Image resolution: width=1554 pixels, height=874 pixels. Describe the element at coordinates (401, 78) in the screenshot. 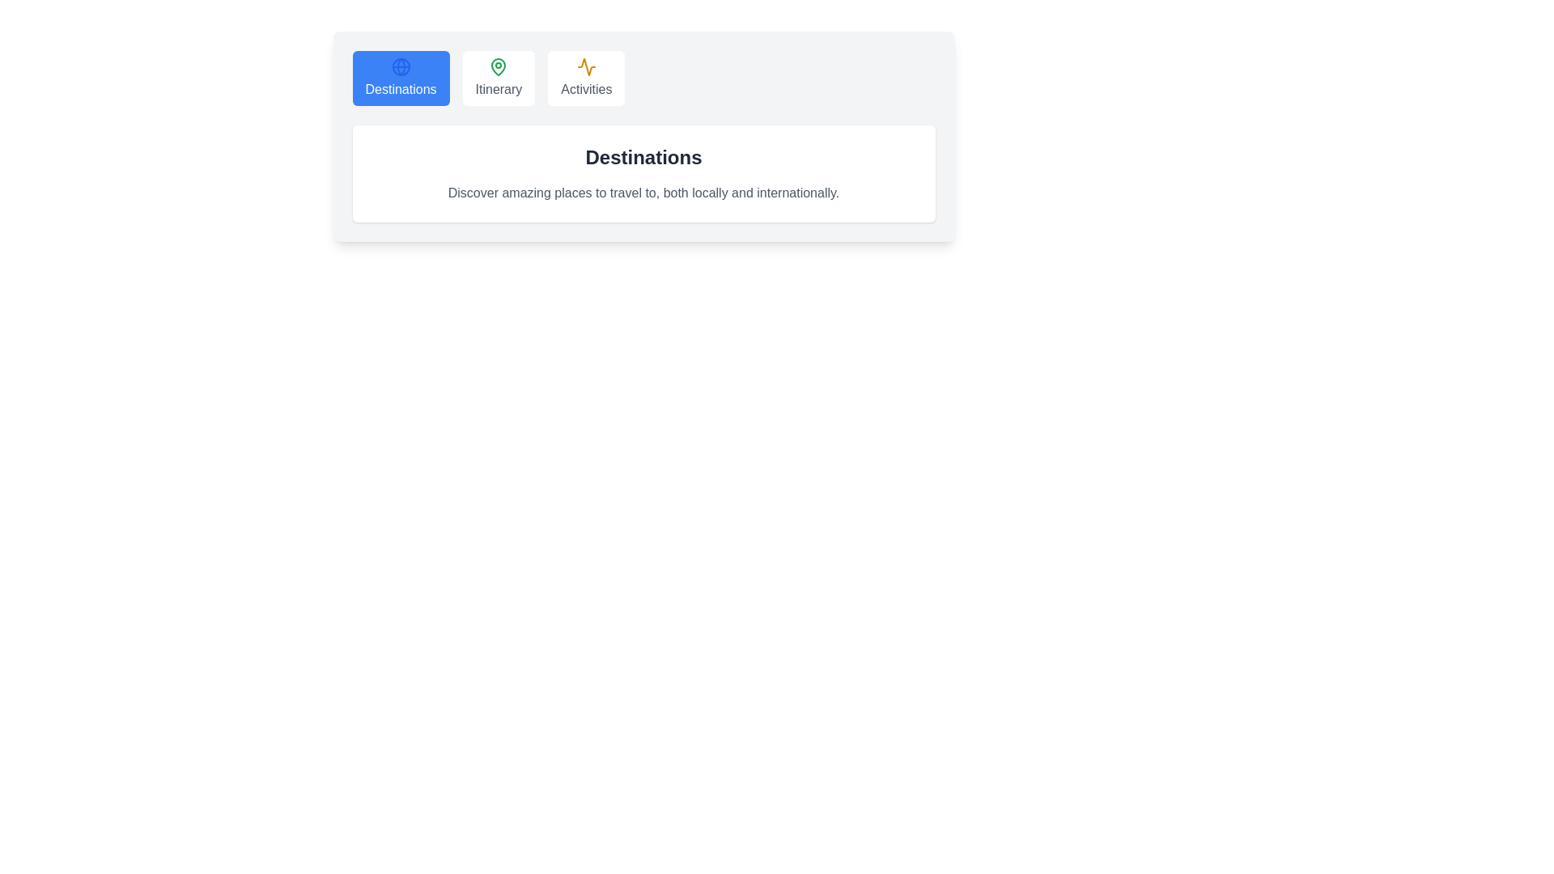

I see `the tab labeled Destinations to observe the hover effect` at that location.